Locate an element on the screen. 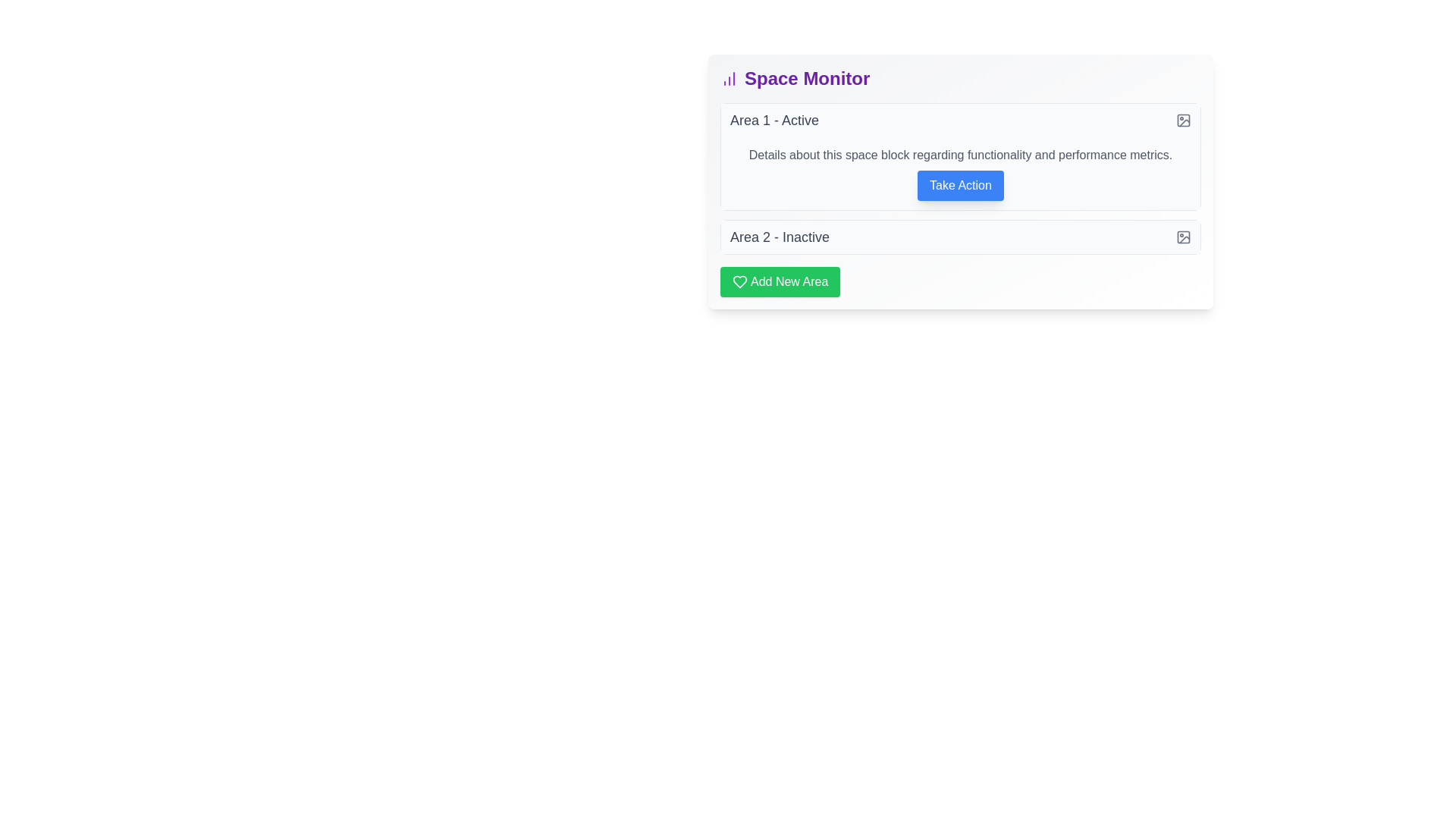  the decorative graphic component, a rectangle with rounded corners, located in the upper-right corner of the 'Area 1 - Active' section within the 'Space Monitor' interface is located at coordinates (1182, 237).